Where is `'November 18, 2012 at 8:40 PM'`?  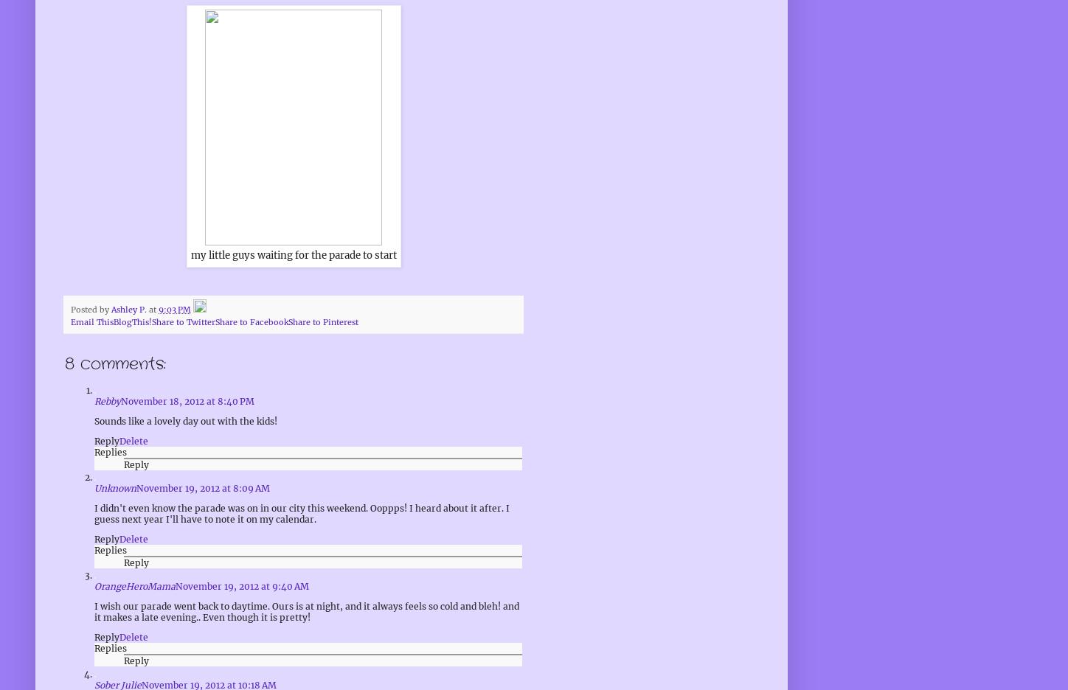
'November 18, 2012 at 8:40 PM' is located at coordinates (120, 400).